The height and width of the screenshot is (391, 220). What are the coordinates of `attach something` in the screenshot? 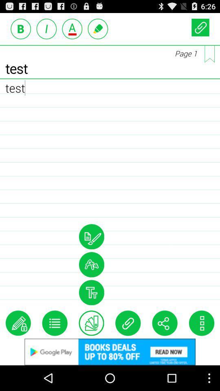 It's located at (128, 323).